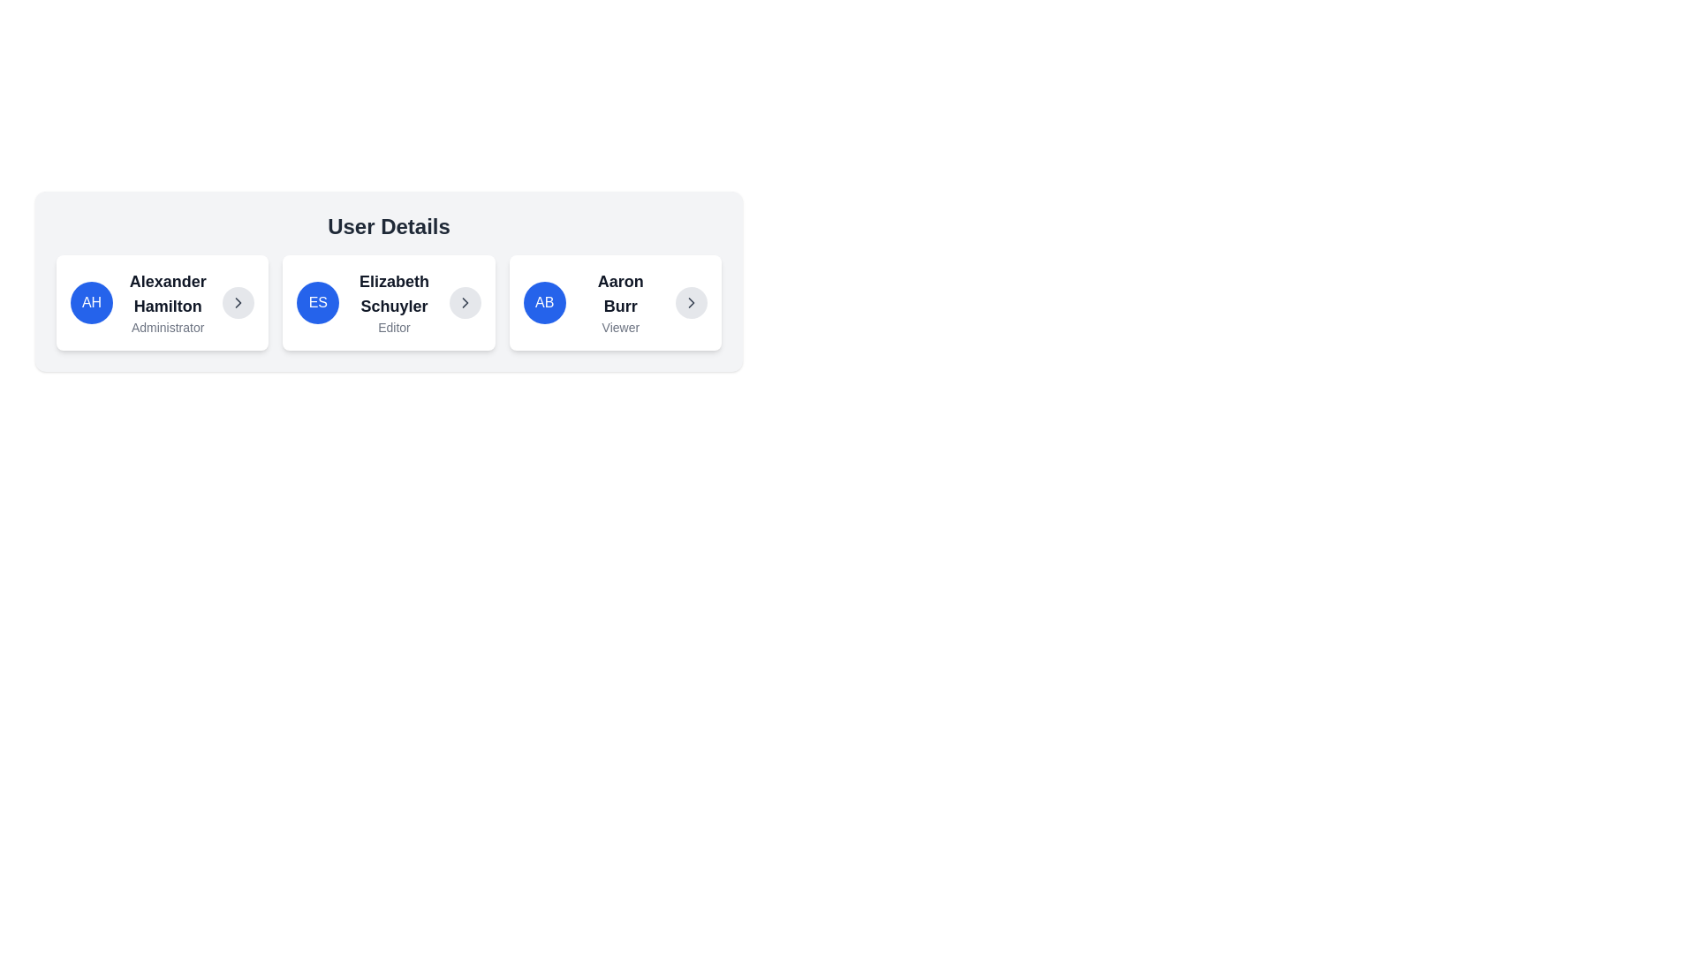 This screenshot has width=1696, height=954. Describe the element at coordinates (690, 302) in the screenshot. I see `the rightward chevron arrow icon, which is styled with a gray stroke and located within the circular button on the third user card in the 'User Details' section` at that location.